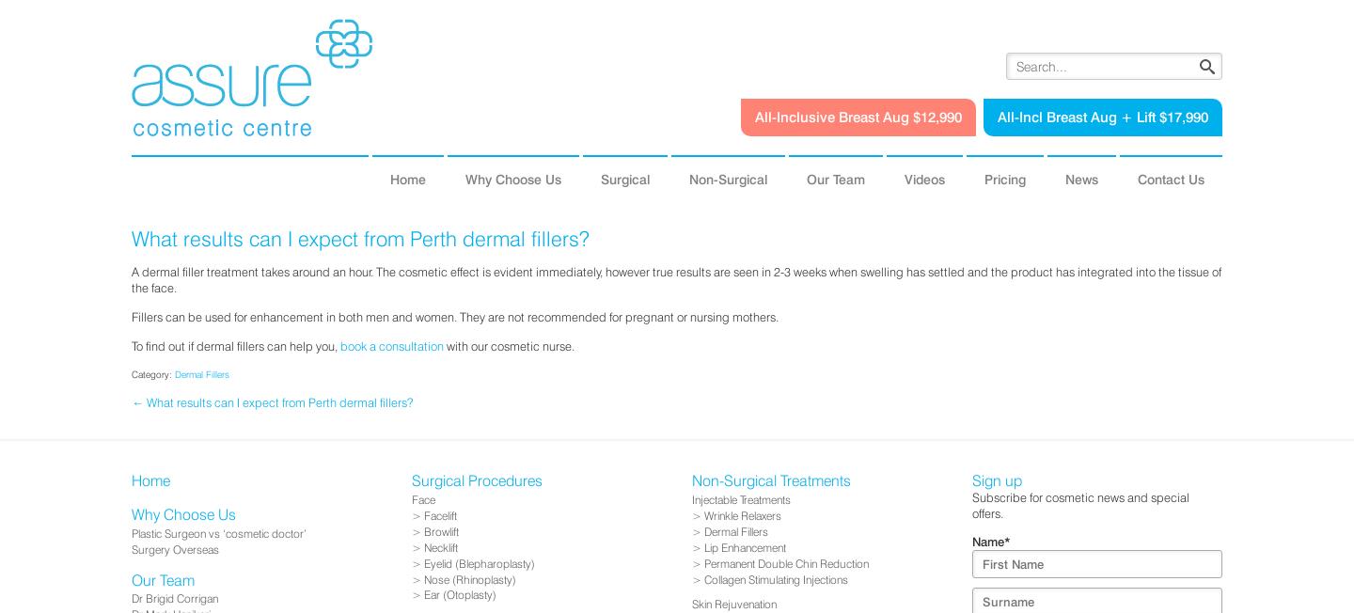 The image size is (1354, 613). What do you see at coordinates (152, 373) in the screenshot?
I see `'Category:'` at bounding box center [152, 373].